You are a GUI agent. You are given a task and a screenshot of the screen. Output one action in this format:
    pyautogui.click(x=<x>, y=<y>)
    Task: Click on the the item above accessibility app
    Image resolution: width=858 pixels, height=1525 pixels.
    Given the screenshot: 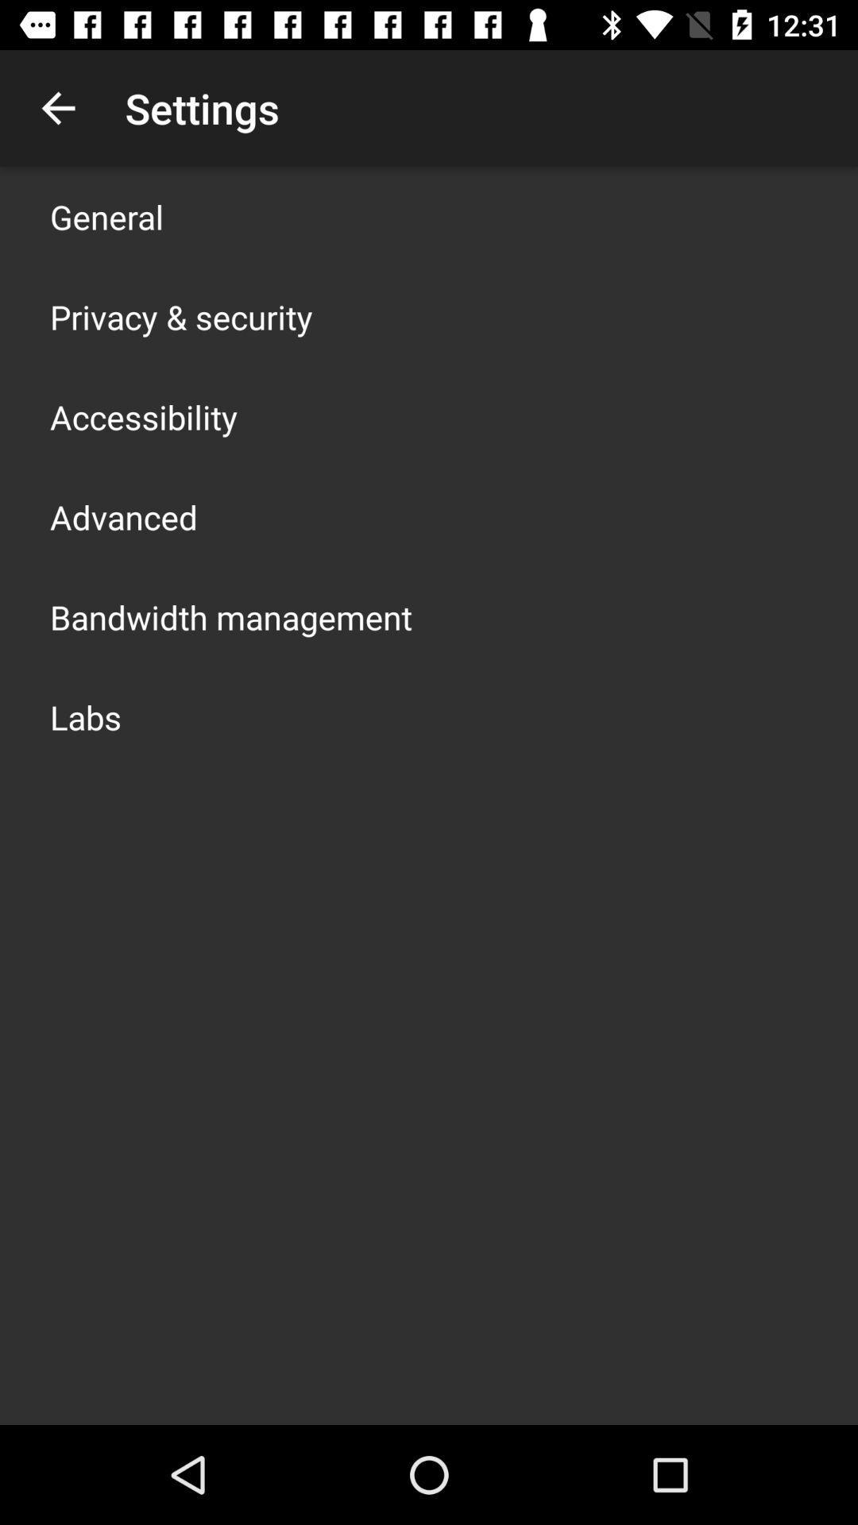 What is the action you would take?
    pyautogui.click(x=180, y=316)
    